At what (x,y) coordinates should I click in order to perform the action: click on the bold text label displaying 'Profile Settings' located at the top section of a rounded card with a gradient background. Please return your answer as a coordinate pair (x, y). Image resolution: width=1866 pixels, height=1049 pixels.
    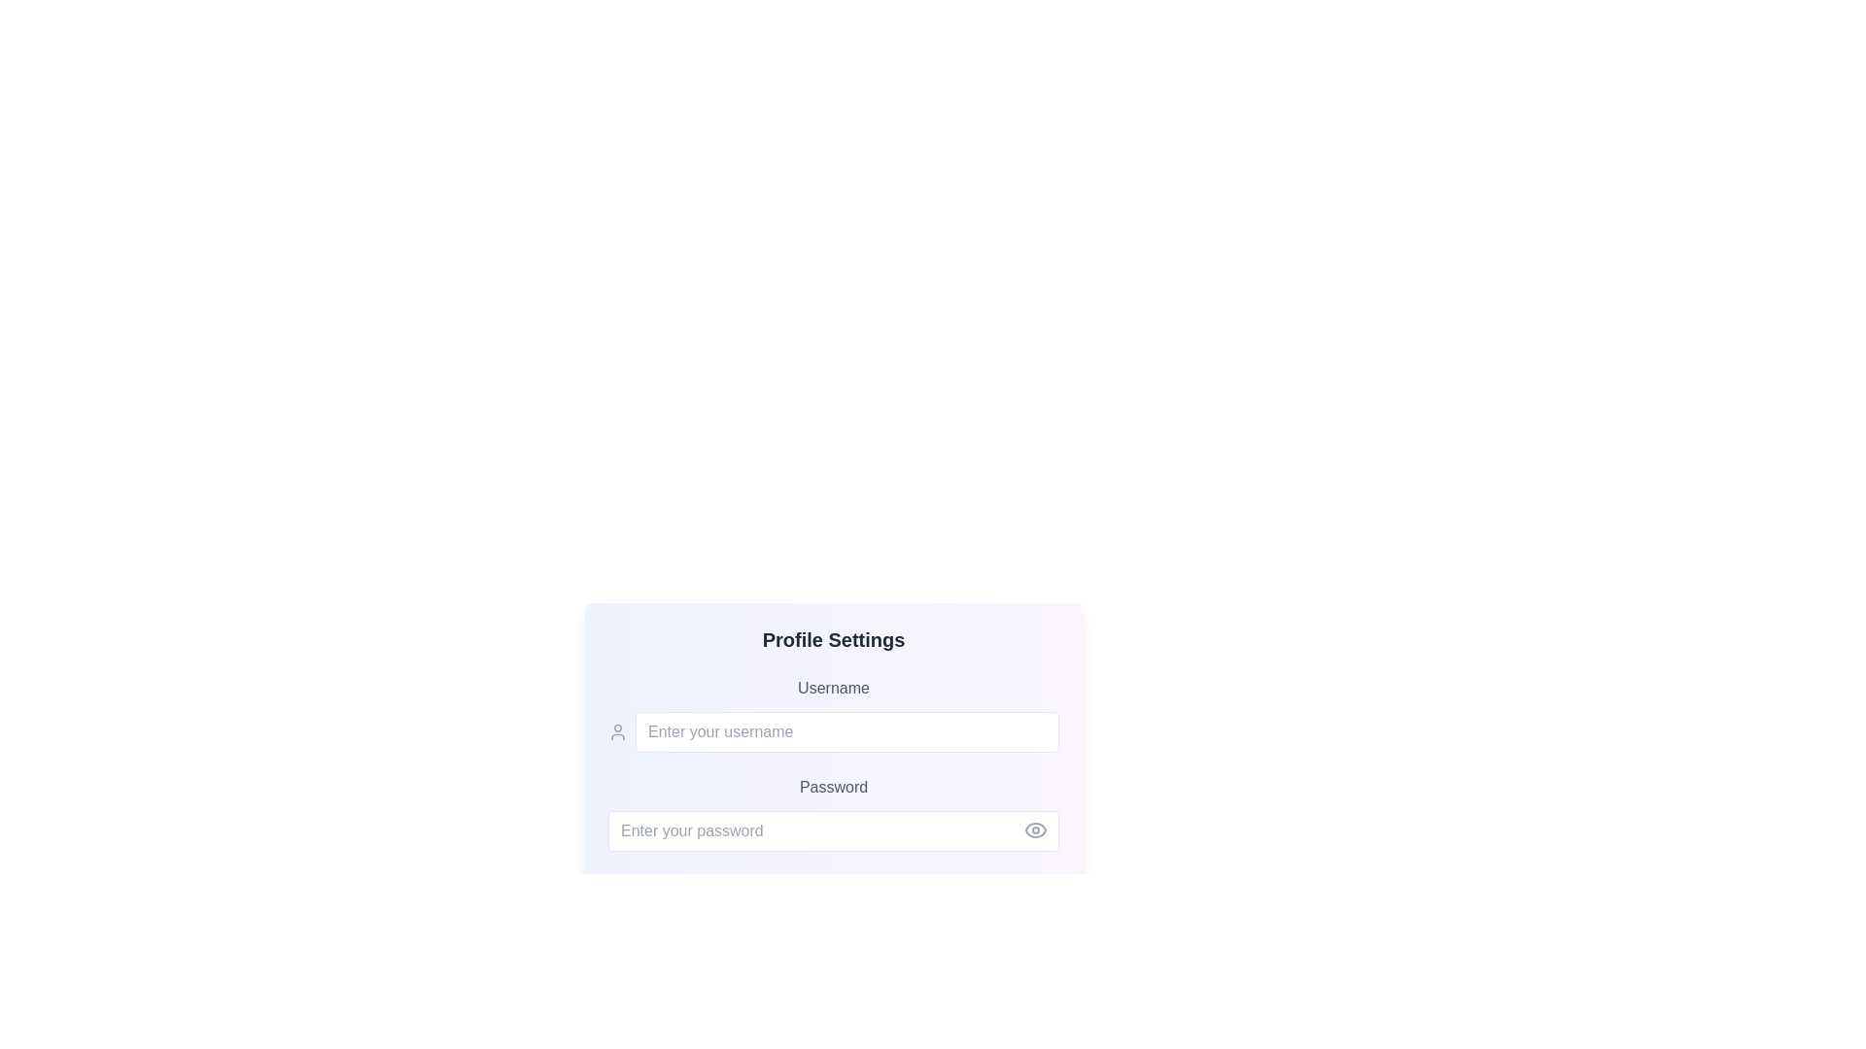
    Looking at the image, I should click on (834, 640).